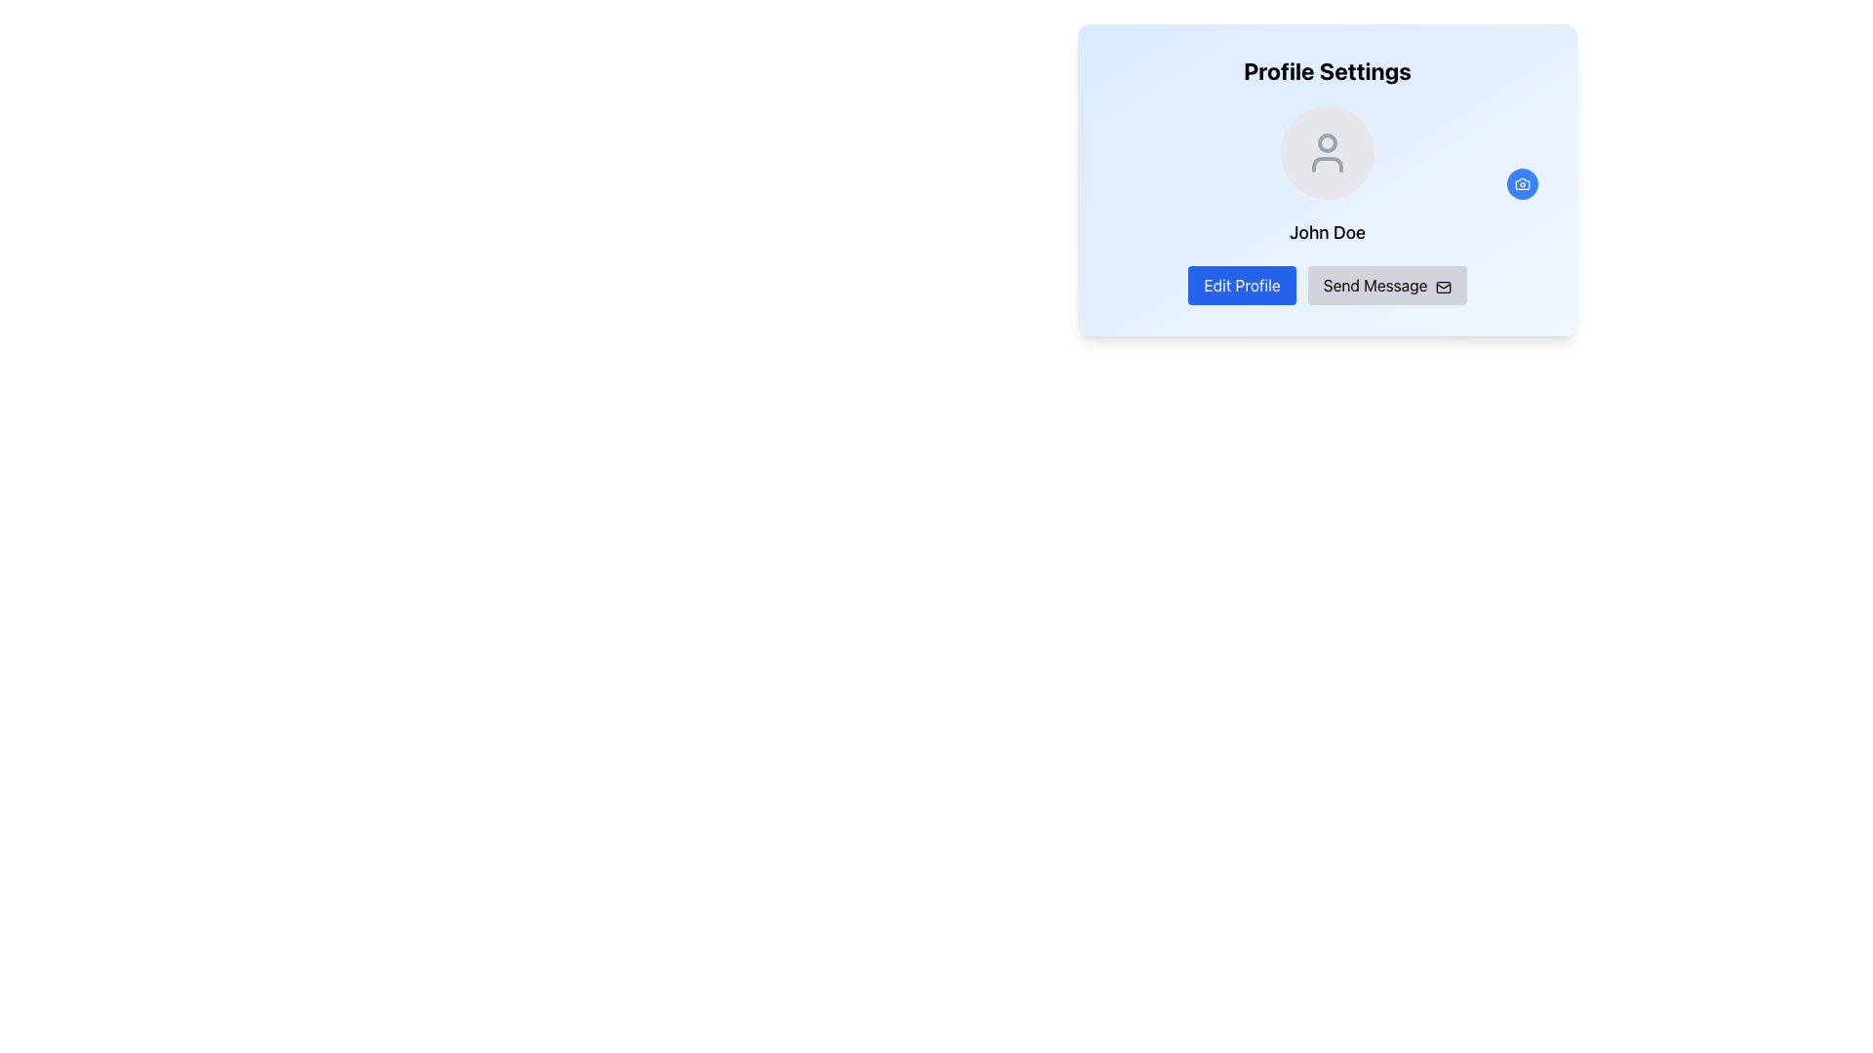  What do you see at coordinates (1241, 286) in the screenshot?
I see `the blue 'Edit Profile' button with rounded edges` at bounding box center [1241, 286].